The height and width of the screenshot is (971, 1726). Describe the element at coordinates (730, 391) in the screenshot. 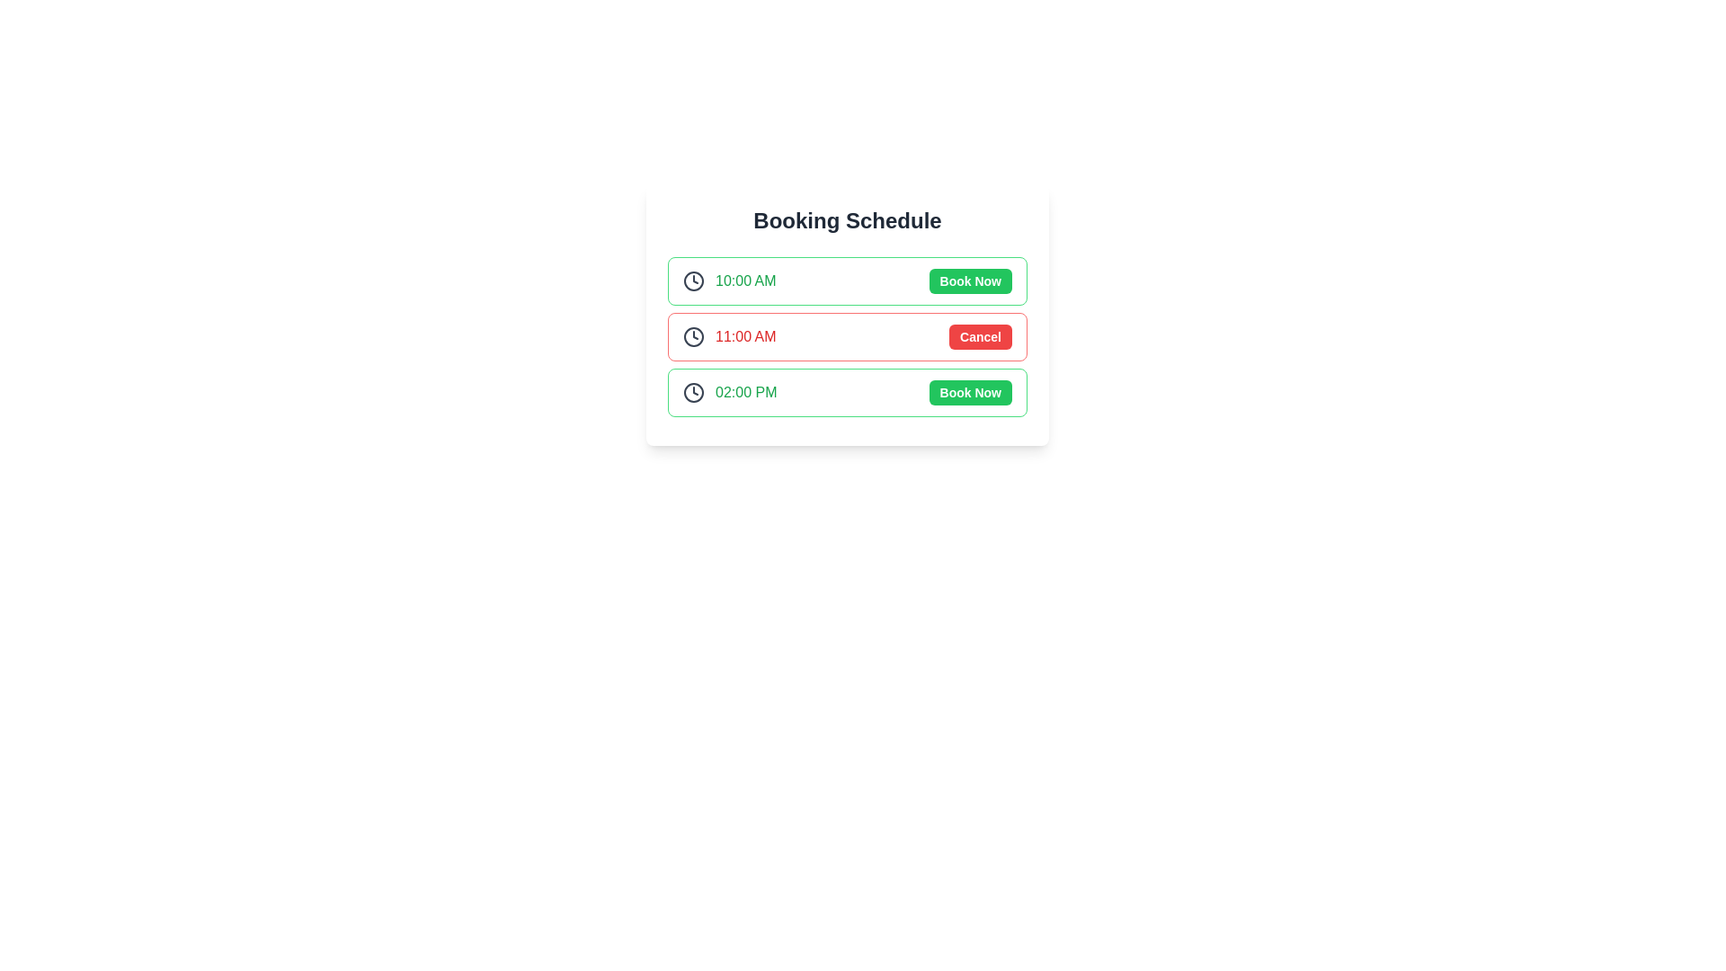

I see `the '02:00 PM' time slot element within the booking schedule, which is the third item in the list and located in the lower section of the group, accompanied by a 'Book Now' button` at that location.